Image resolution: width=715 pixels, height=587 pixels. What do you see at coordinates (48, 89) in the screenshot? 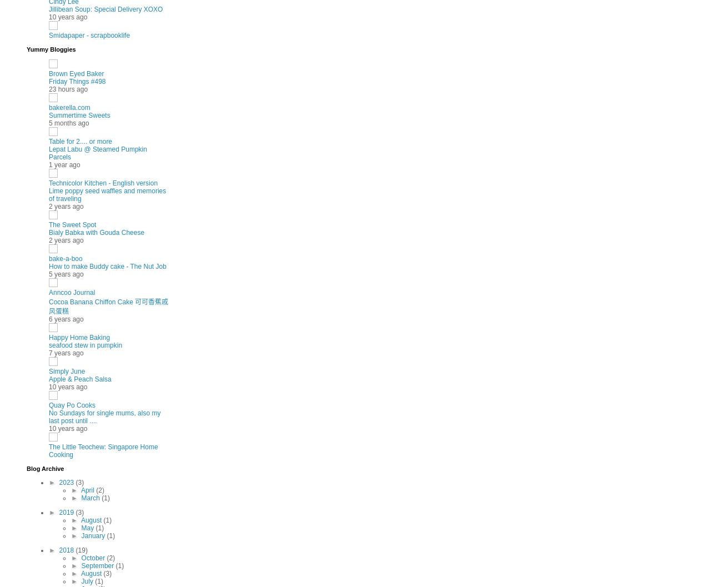
I see `'23 hours ago'` at bounding box center [48, 89].